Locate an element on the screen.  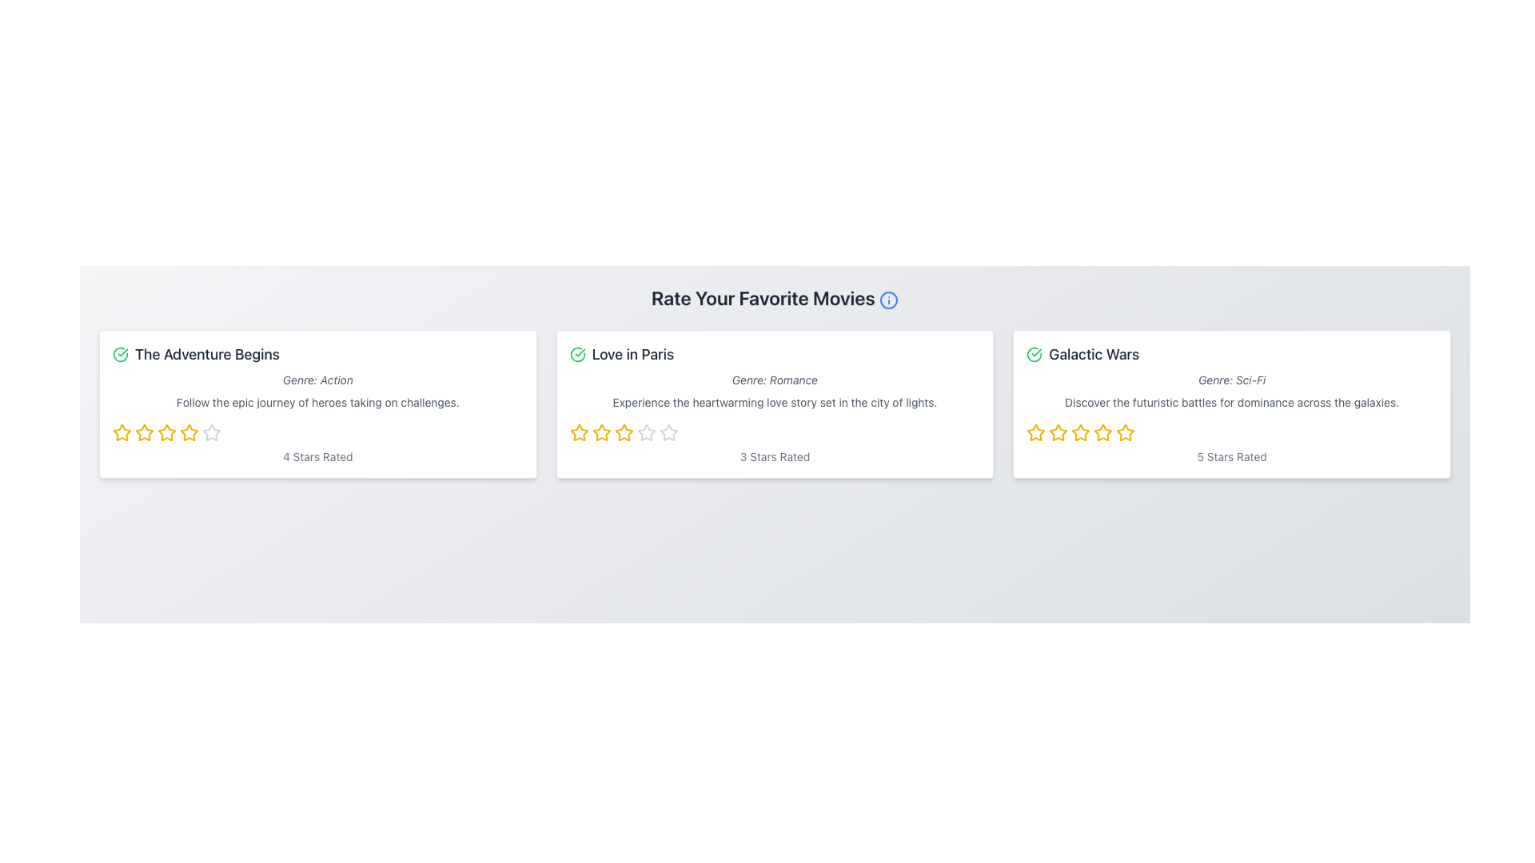
the first star icon in the 'Rate Your Favorite Movies' section, located under the movie title 'Love in Paris' is located at coordinates (600, 432).